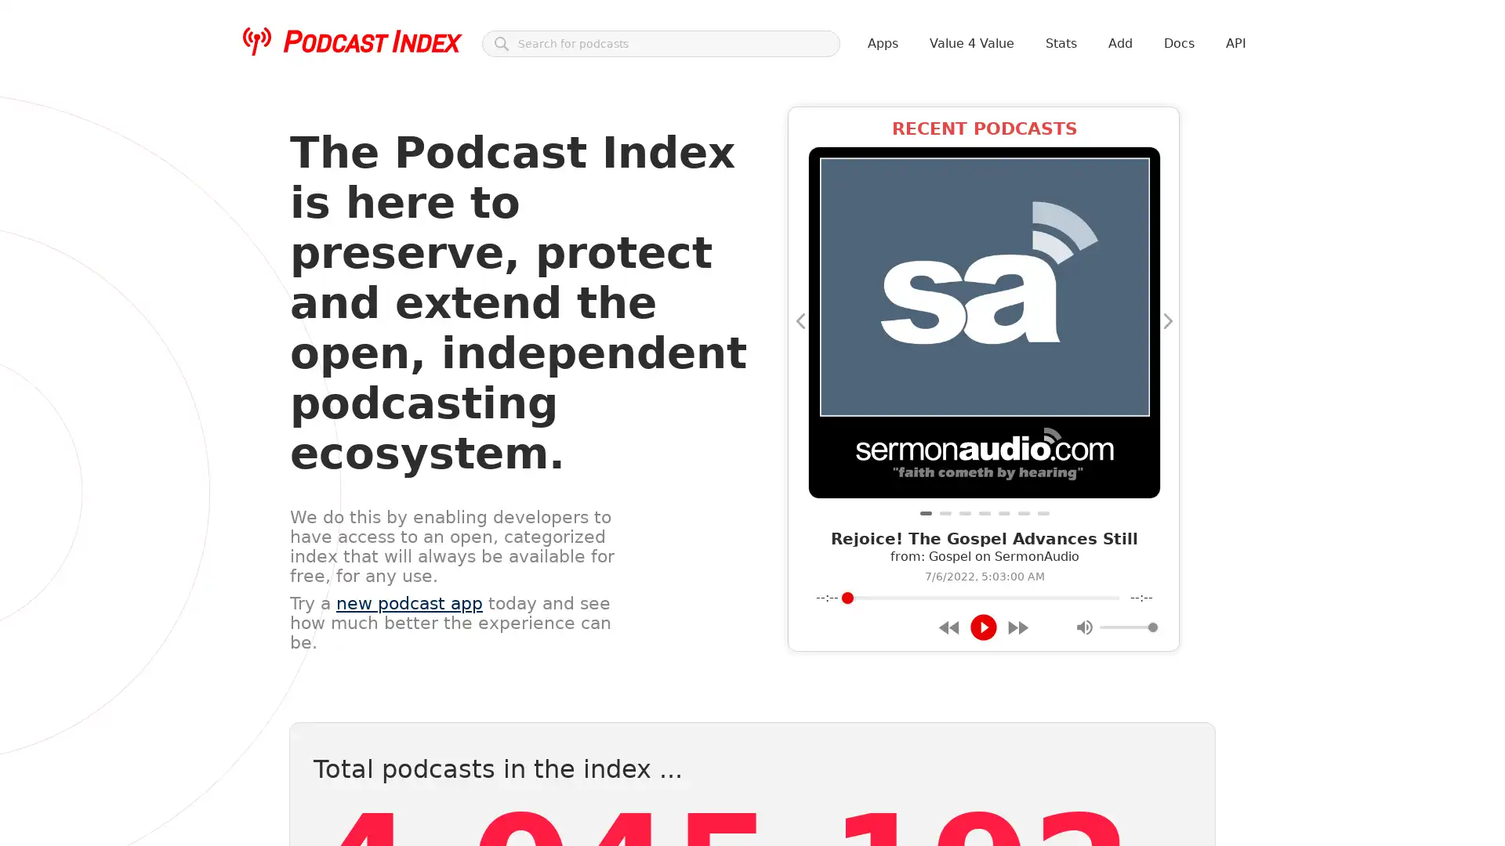 The image size is (1505, 846). I want to click on Mute, so click(1083, 627).